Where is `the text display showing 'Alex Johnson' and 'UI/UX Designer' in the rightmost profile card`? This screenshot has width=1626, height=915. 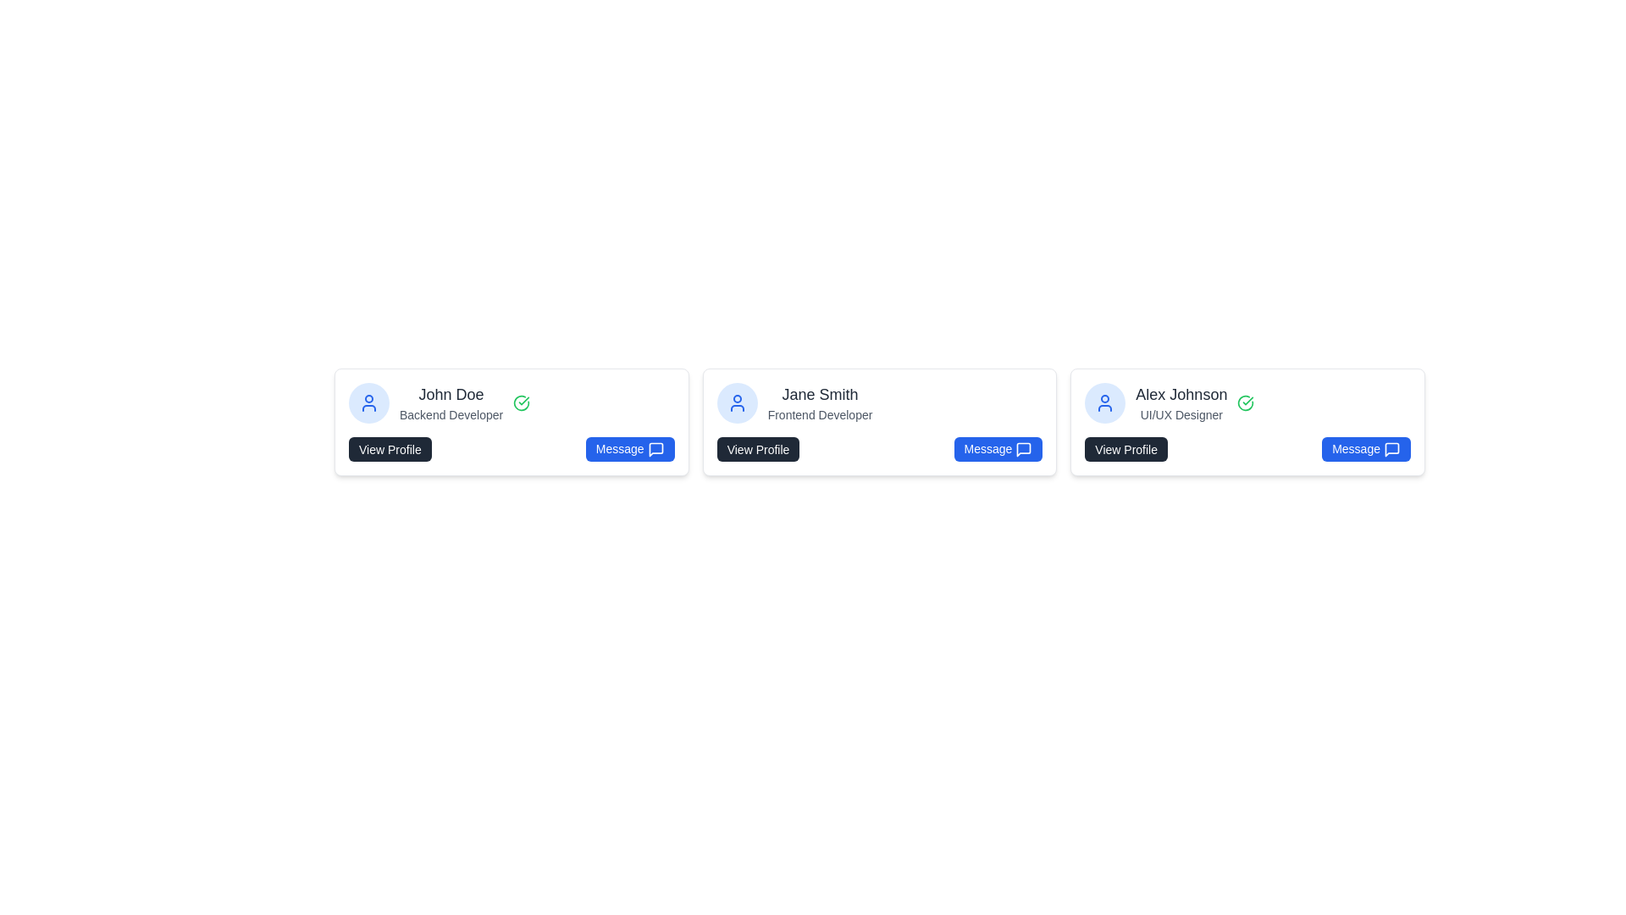 the text display showing 'Alex Johnson' and 'UI/UX Designer' in the rightmost profile card is located at coordinates (1181, 402).